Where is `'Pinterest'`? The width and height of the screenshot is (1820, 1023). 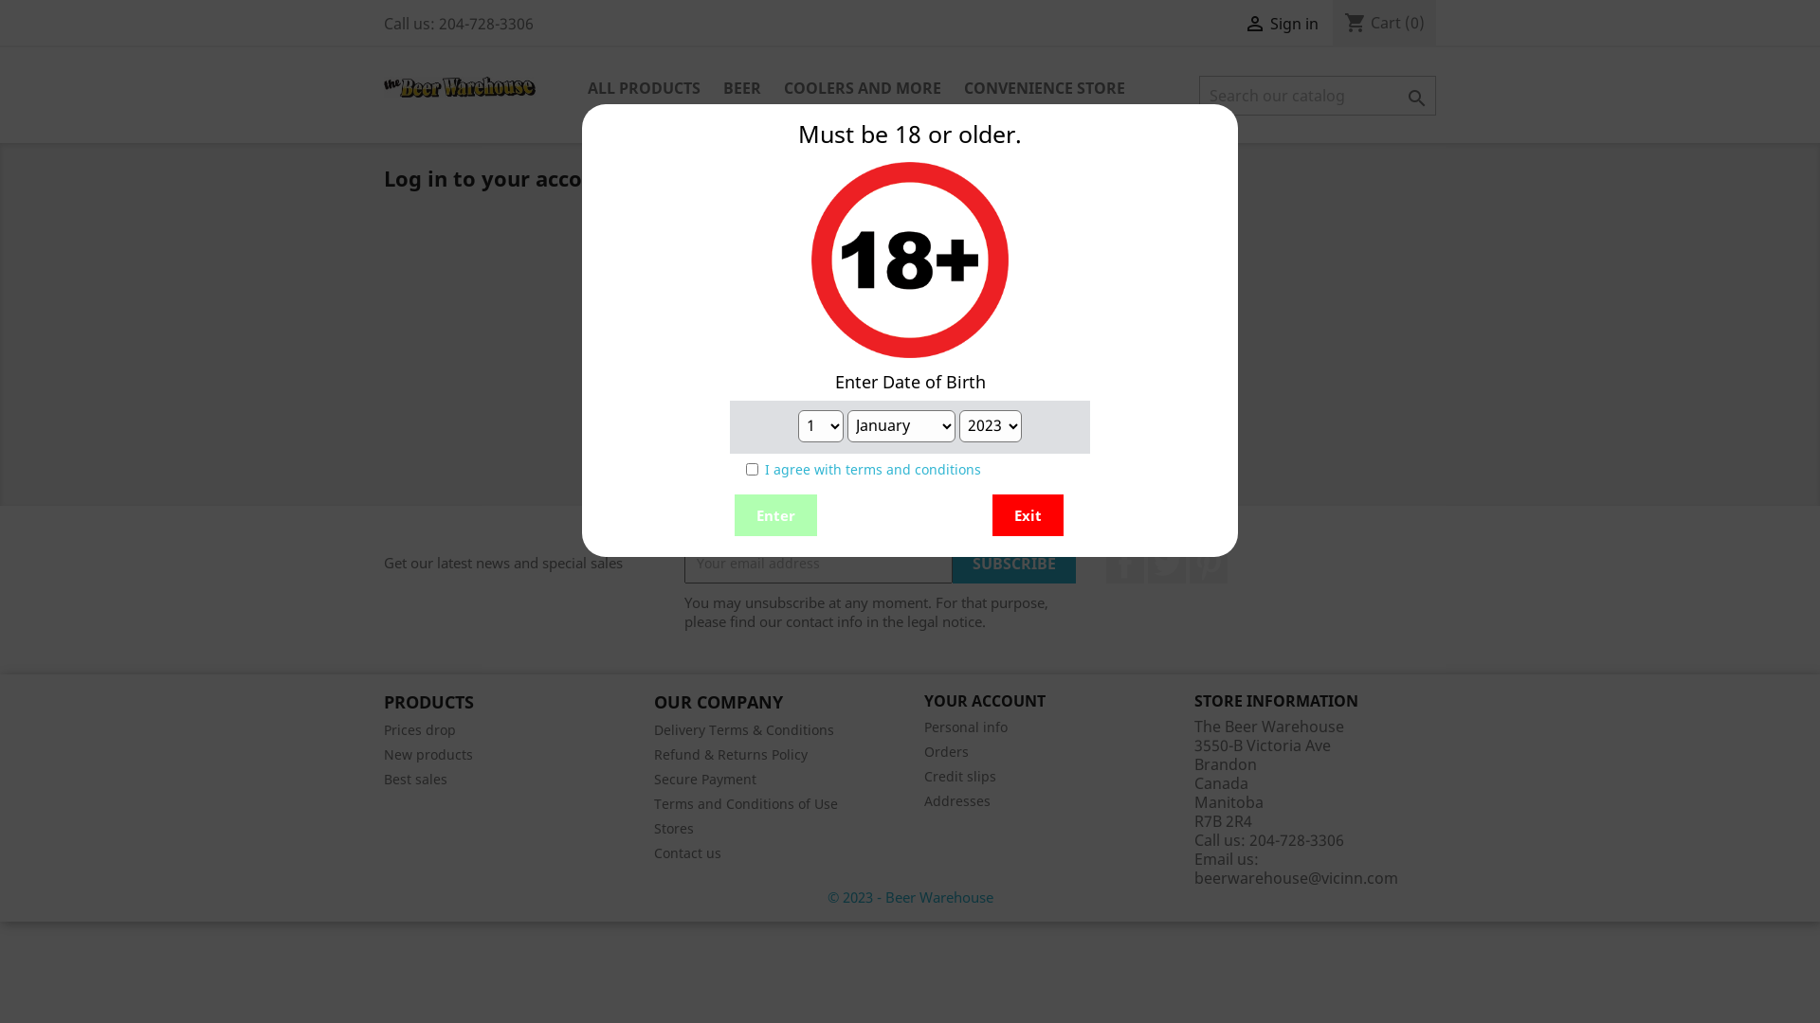
'Pinterest' is located at coordinates (1208, 564).